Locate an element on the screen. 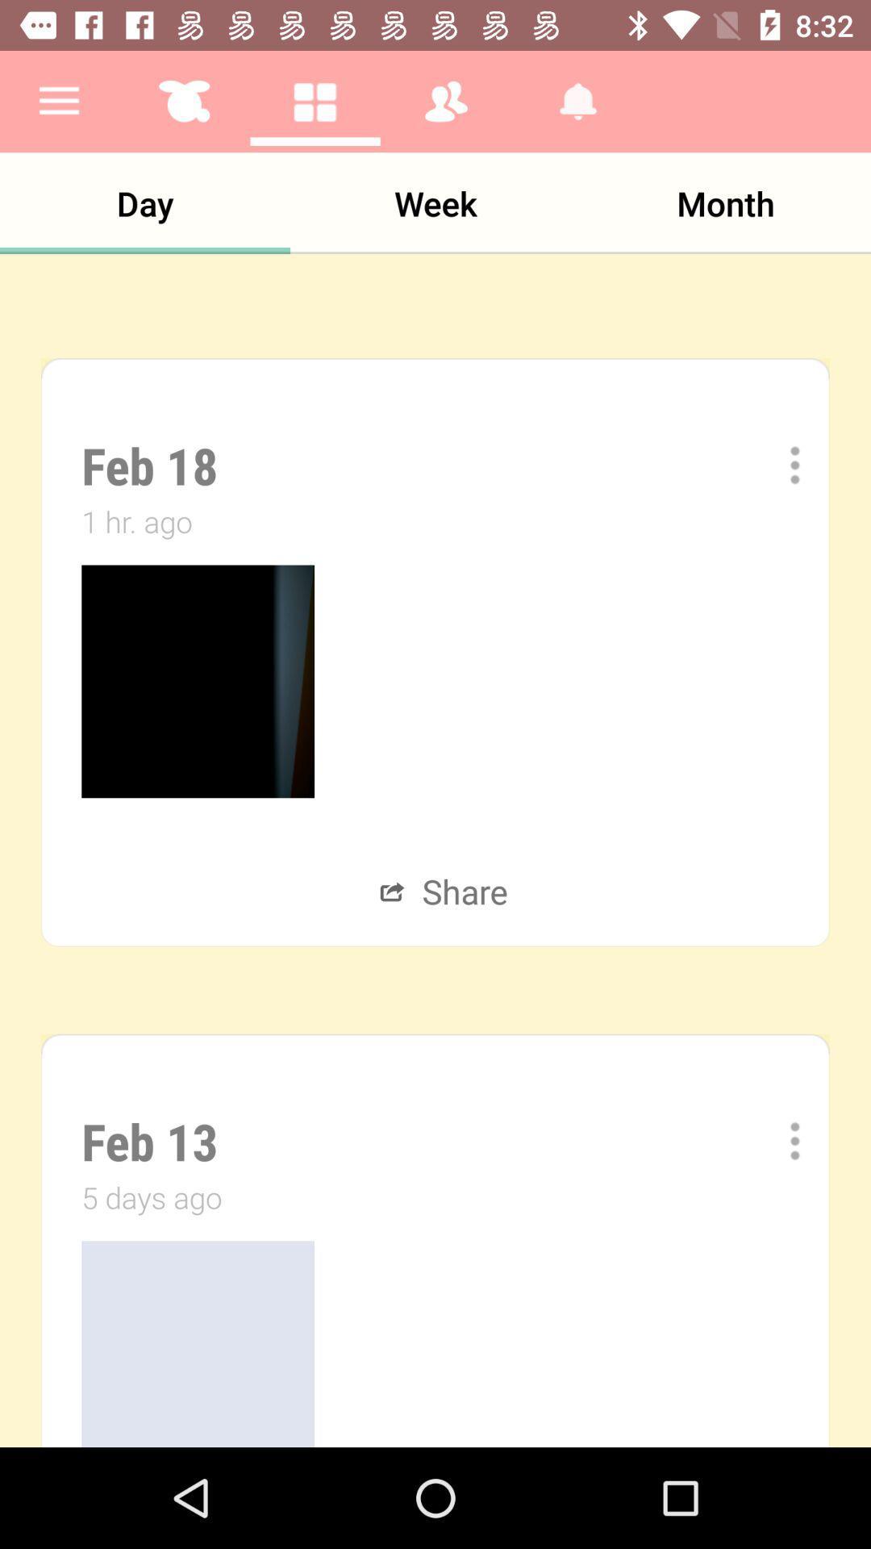 Image resolution: width=871 pixels, height=1549 pixels. the button which is right to the menu button is located at coordinates (183, 100).